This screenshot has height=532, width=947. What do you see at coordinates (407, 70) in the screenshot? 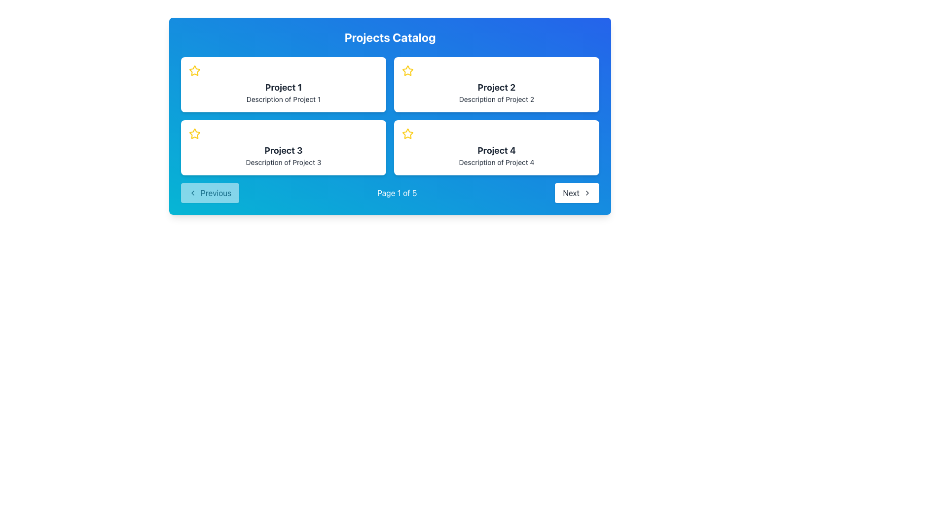
I see `the star-shaped icon with a yellow border and a hollow center located in the upper part of the 'Project 2' card` at bounding box center [407, 70].